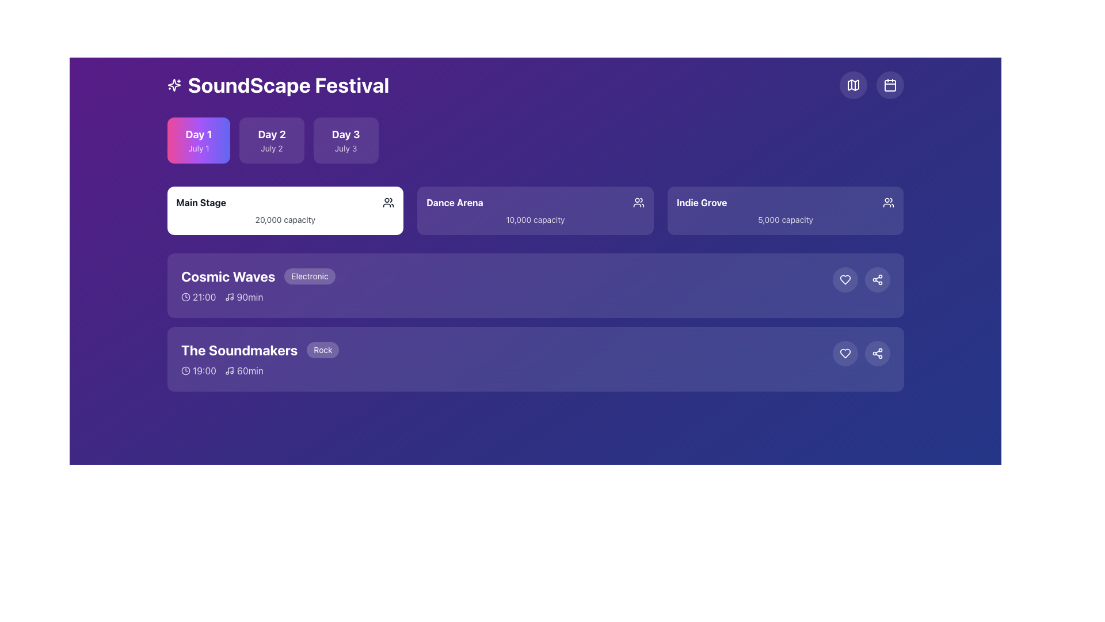  I want to click on the heart-shaped icon filled with blue color located at the bottom right corner of the 'The Soundmakers' section, so click(845, 280).